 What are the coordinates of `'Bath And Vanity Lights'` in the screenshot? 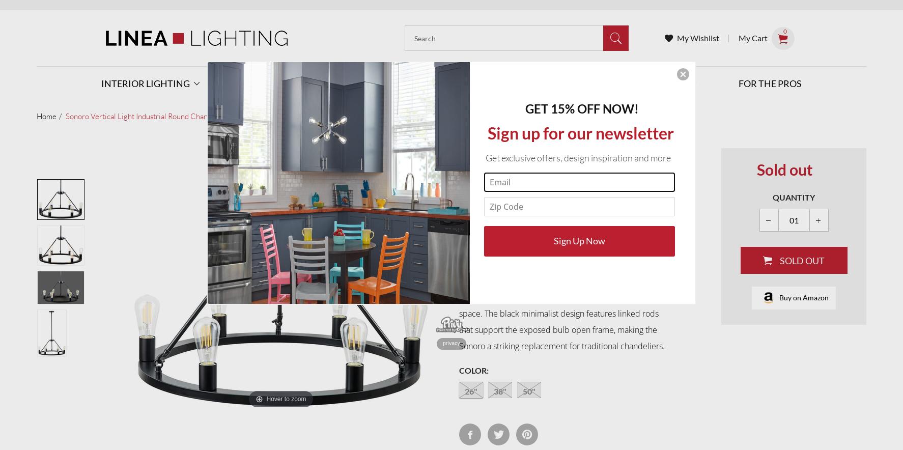 It's located at (375, 273).